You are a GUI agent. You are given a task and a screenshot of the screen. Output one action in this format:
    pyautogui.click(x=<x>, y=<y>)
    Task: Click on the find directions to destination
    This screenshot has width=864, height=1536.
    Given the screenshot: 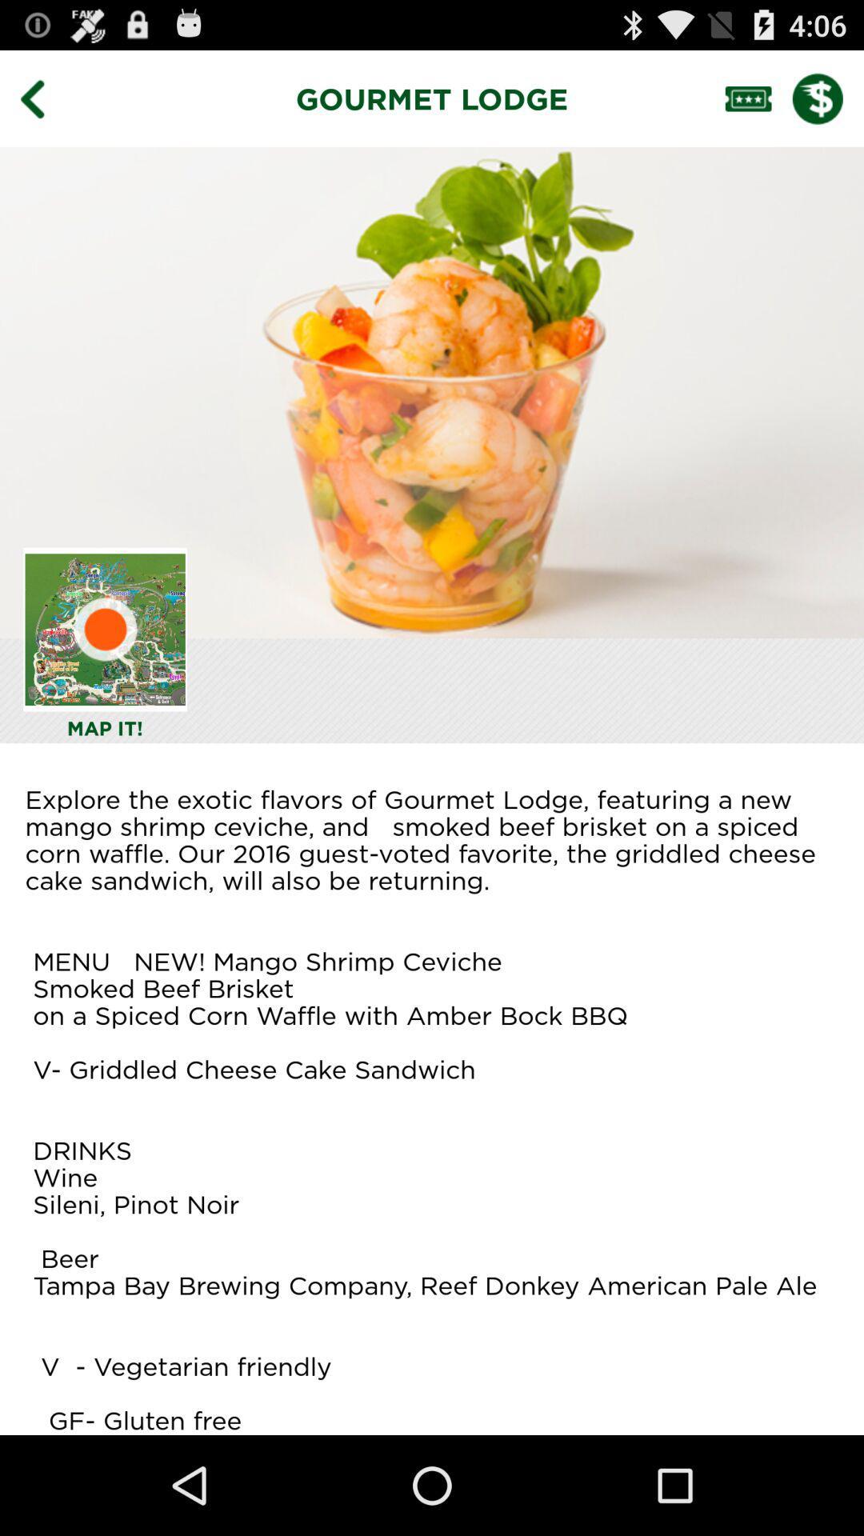 What is the action you would take?
    pyautogui.click(x=105, y=629)
    